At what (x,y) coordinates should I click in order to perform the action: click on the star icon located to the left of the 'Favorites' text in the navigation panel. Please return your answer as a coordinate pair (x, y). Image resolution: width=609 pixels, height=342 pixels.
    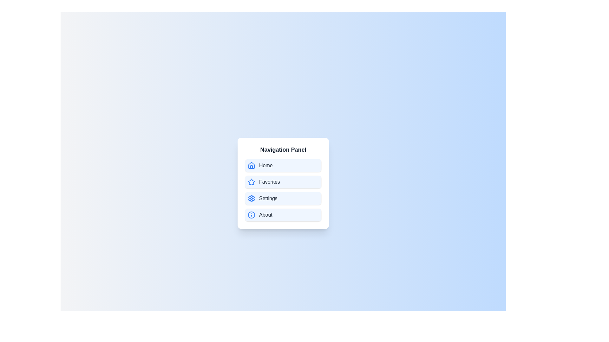
    Looking at the image, I should click on (251, 182).